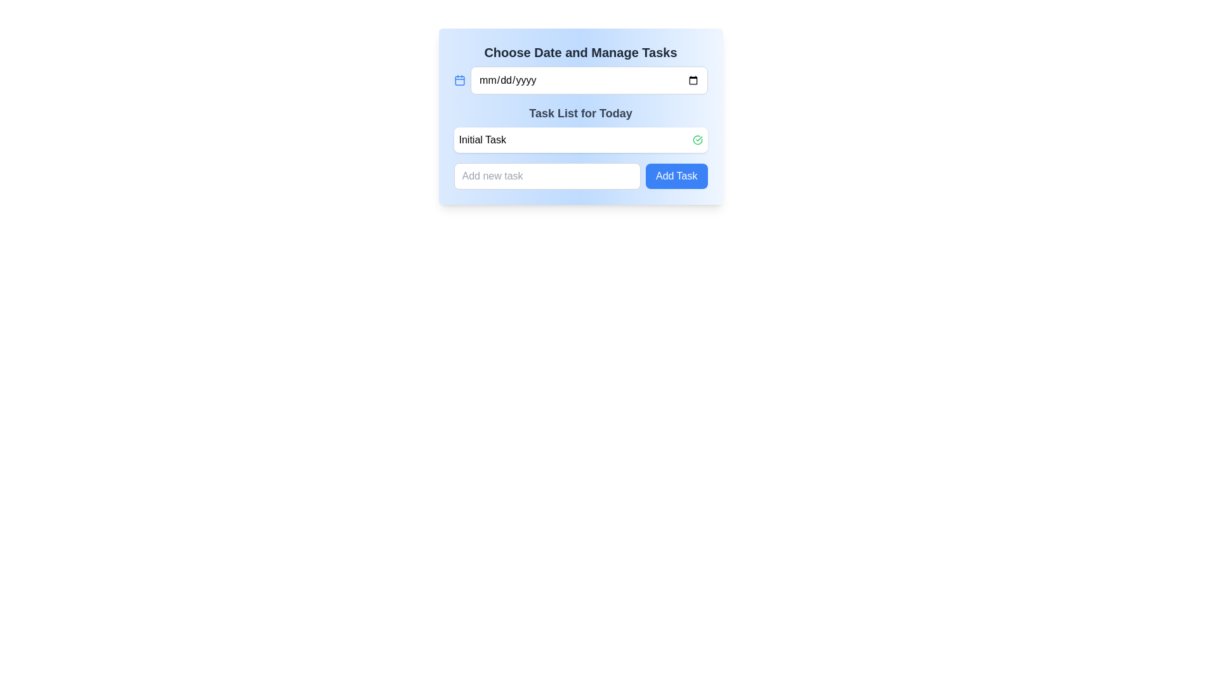 The width and height of the screenshot is (1218, 685). Describe the element at coordinates (459, 81) in the screenshot. I see `the main body of the calendar icon, which is a light blue rectangular component with rounded corners located centrally within the calendar icon on the left side of the date input field in the 'Choose Date and Manage Tasks' panel` at that location.